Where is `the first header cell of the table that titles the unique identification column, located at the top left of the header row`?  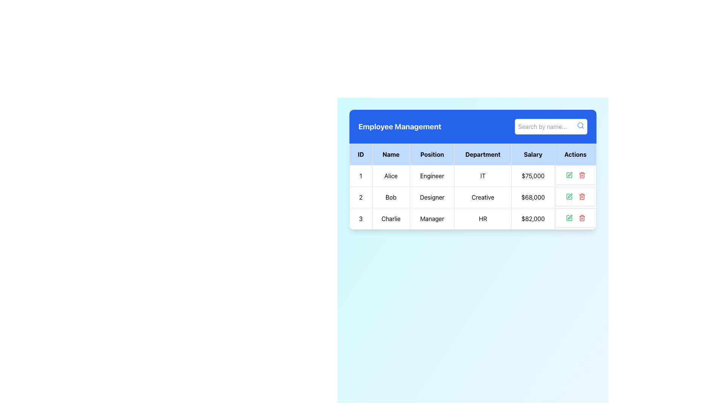 the first header cell of the table that titles the unique identification column, located at the top left of the header row is located at coordinates (360, 154).